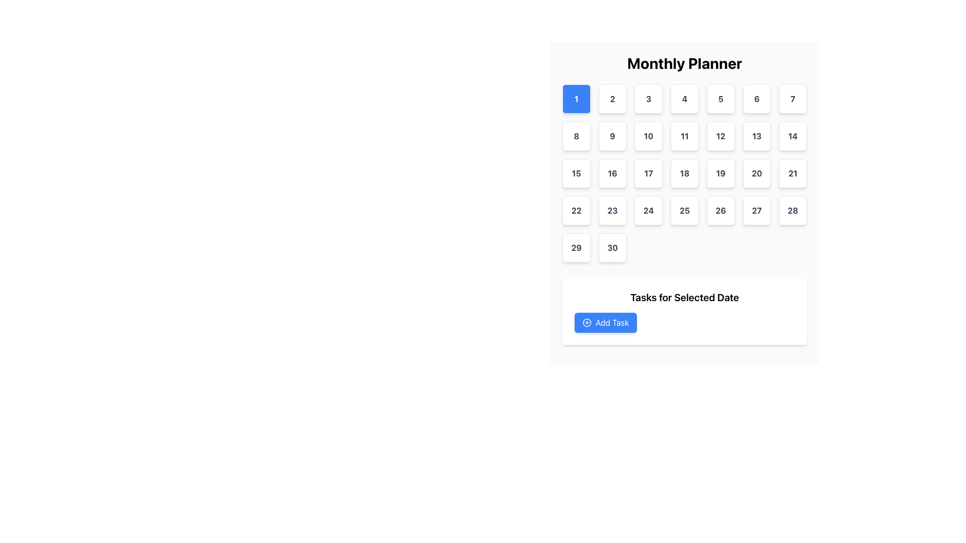 The height and width of the screenshot is (543, 966). Describe the element at coordinates (757, 99) in the screenshot. I see `the selectable date button for the 6th day of the month in the Monthly Planner to trigger a visual effect` at that location.